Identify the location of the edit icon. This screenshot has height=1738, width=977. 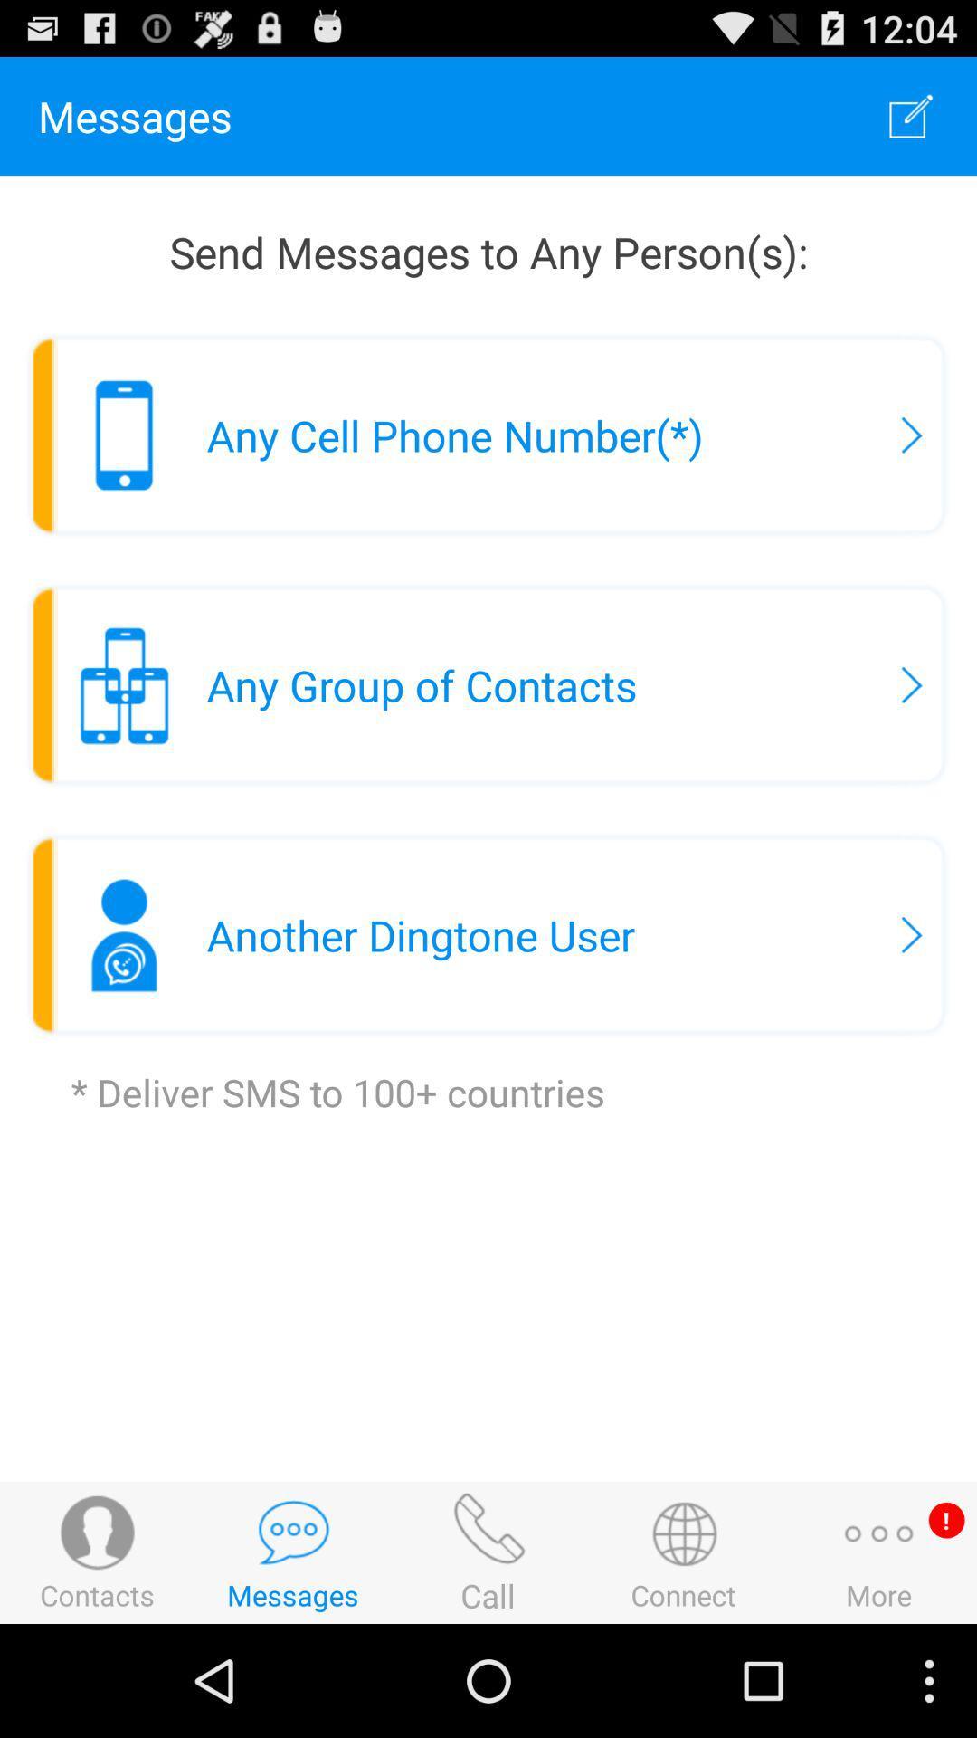
(911, 123).